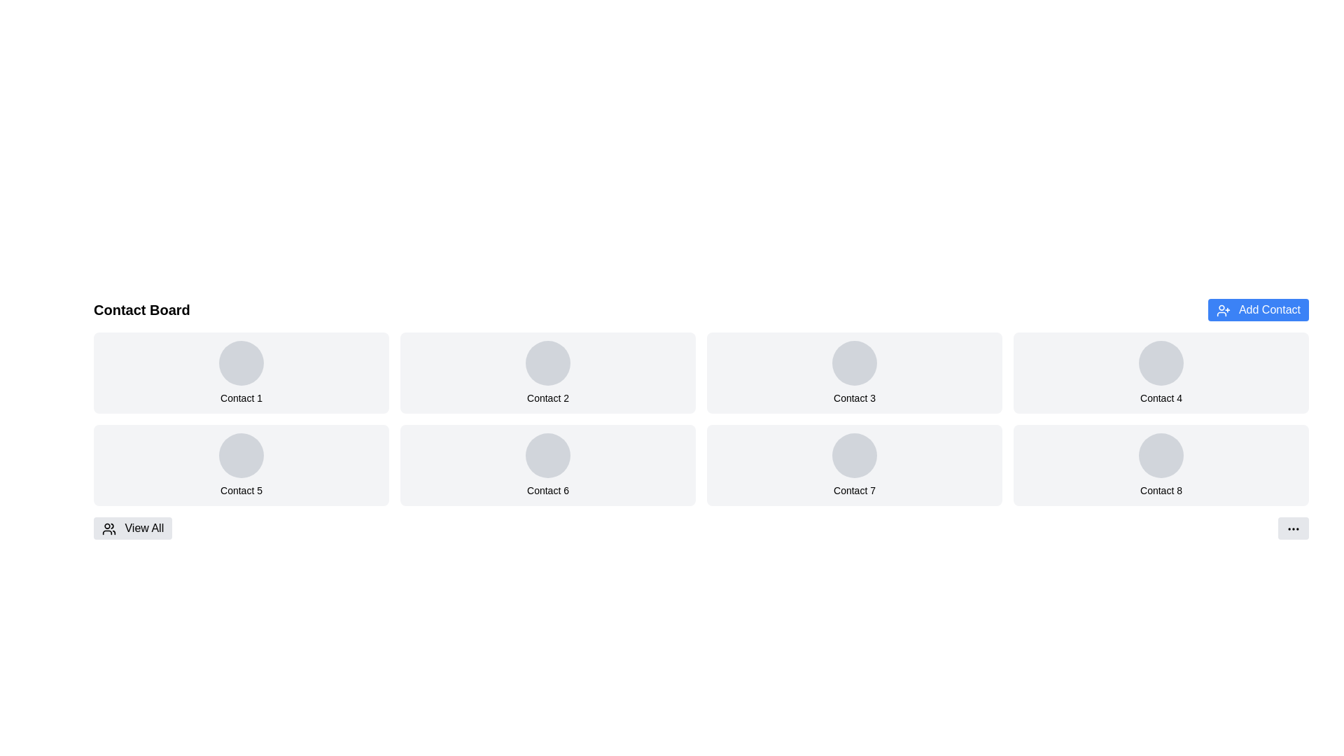 Image resolution: width=1344 pixels, height=756 pixels. I want to click on the 'Add Contact' button located at the top-right corner of the 'Contact Board' section to initiate the action for adding a new contact, so click(1259, 309).